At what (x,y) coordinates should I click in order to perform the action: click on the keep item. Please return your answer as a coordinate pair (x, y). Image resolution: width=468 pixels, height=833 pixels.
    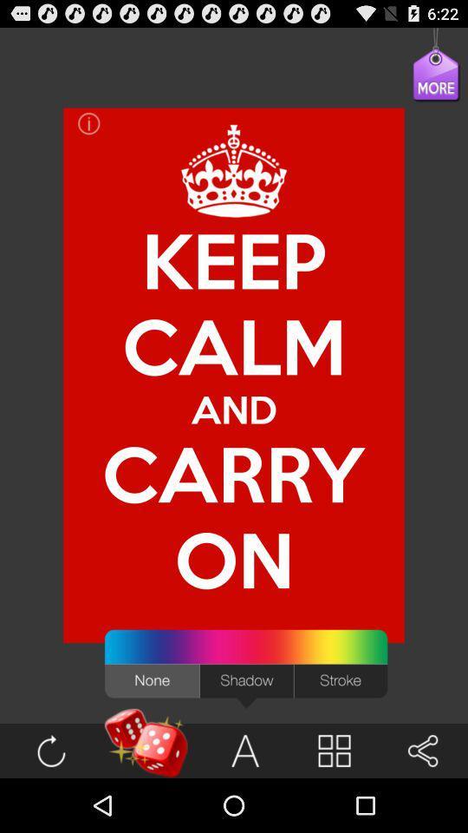
    Looking at the image, I should click on (234, 259).